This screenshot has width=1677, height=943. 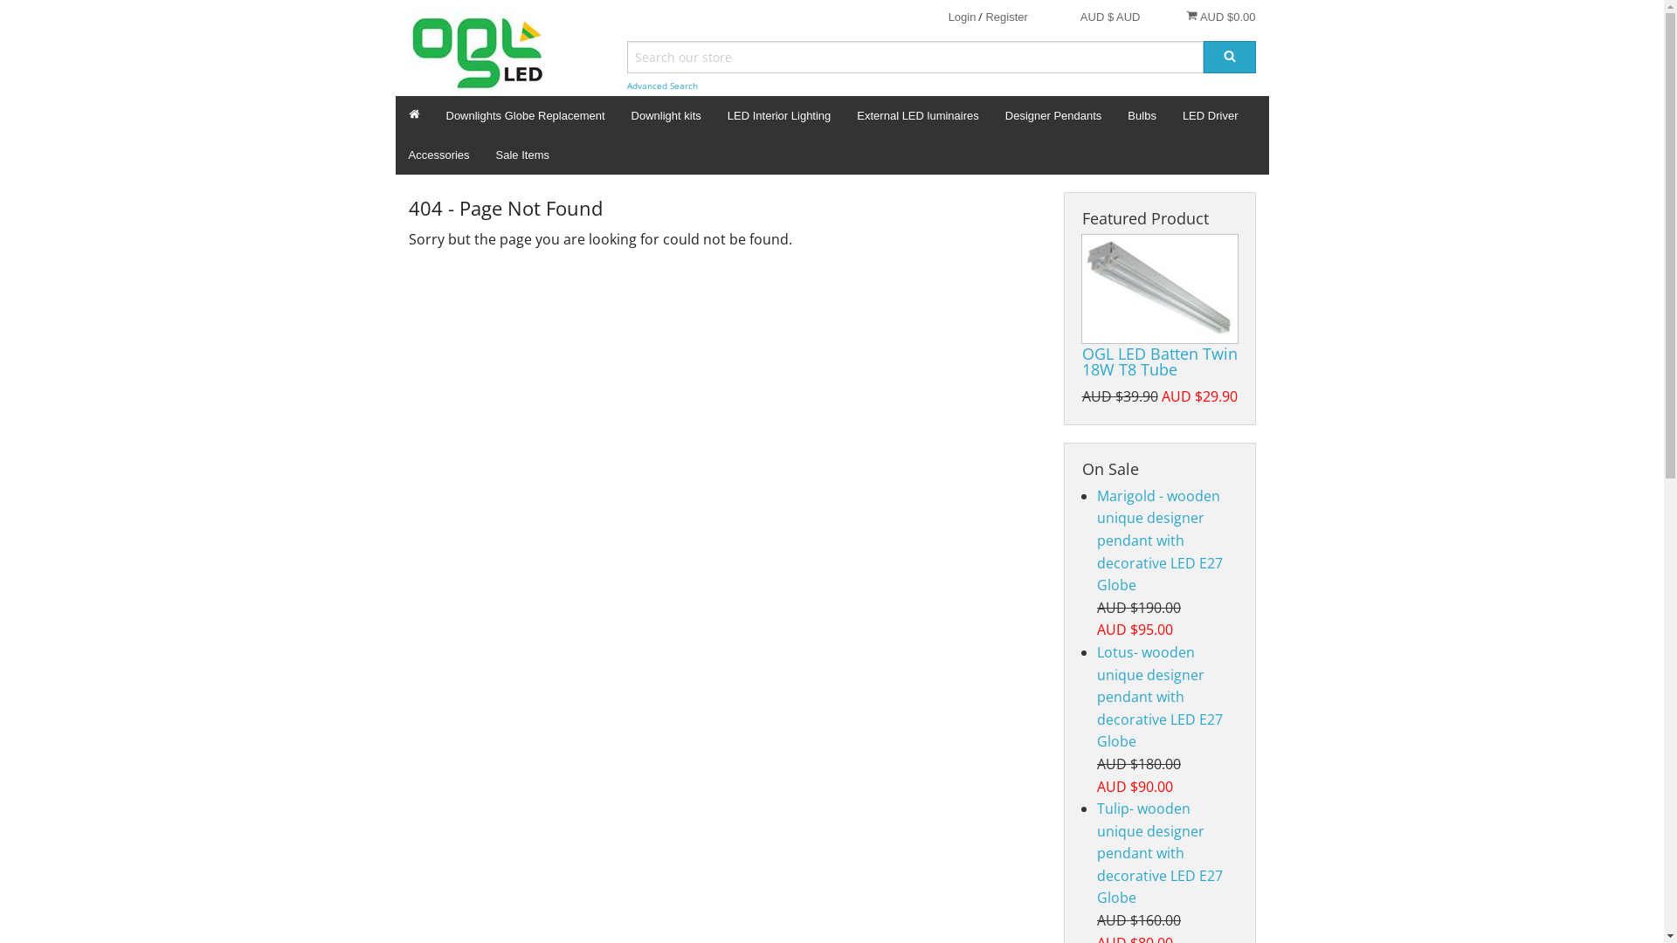 I want to click on 'OGL LED Batten Twin 18W T8 Tube', so click(x=1080, y=360).